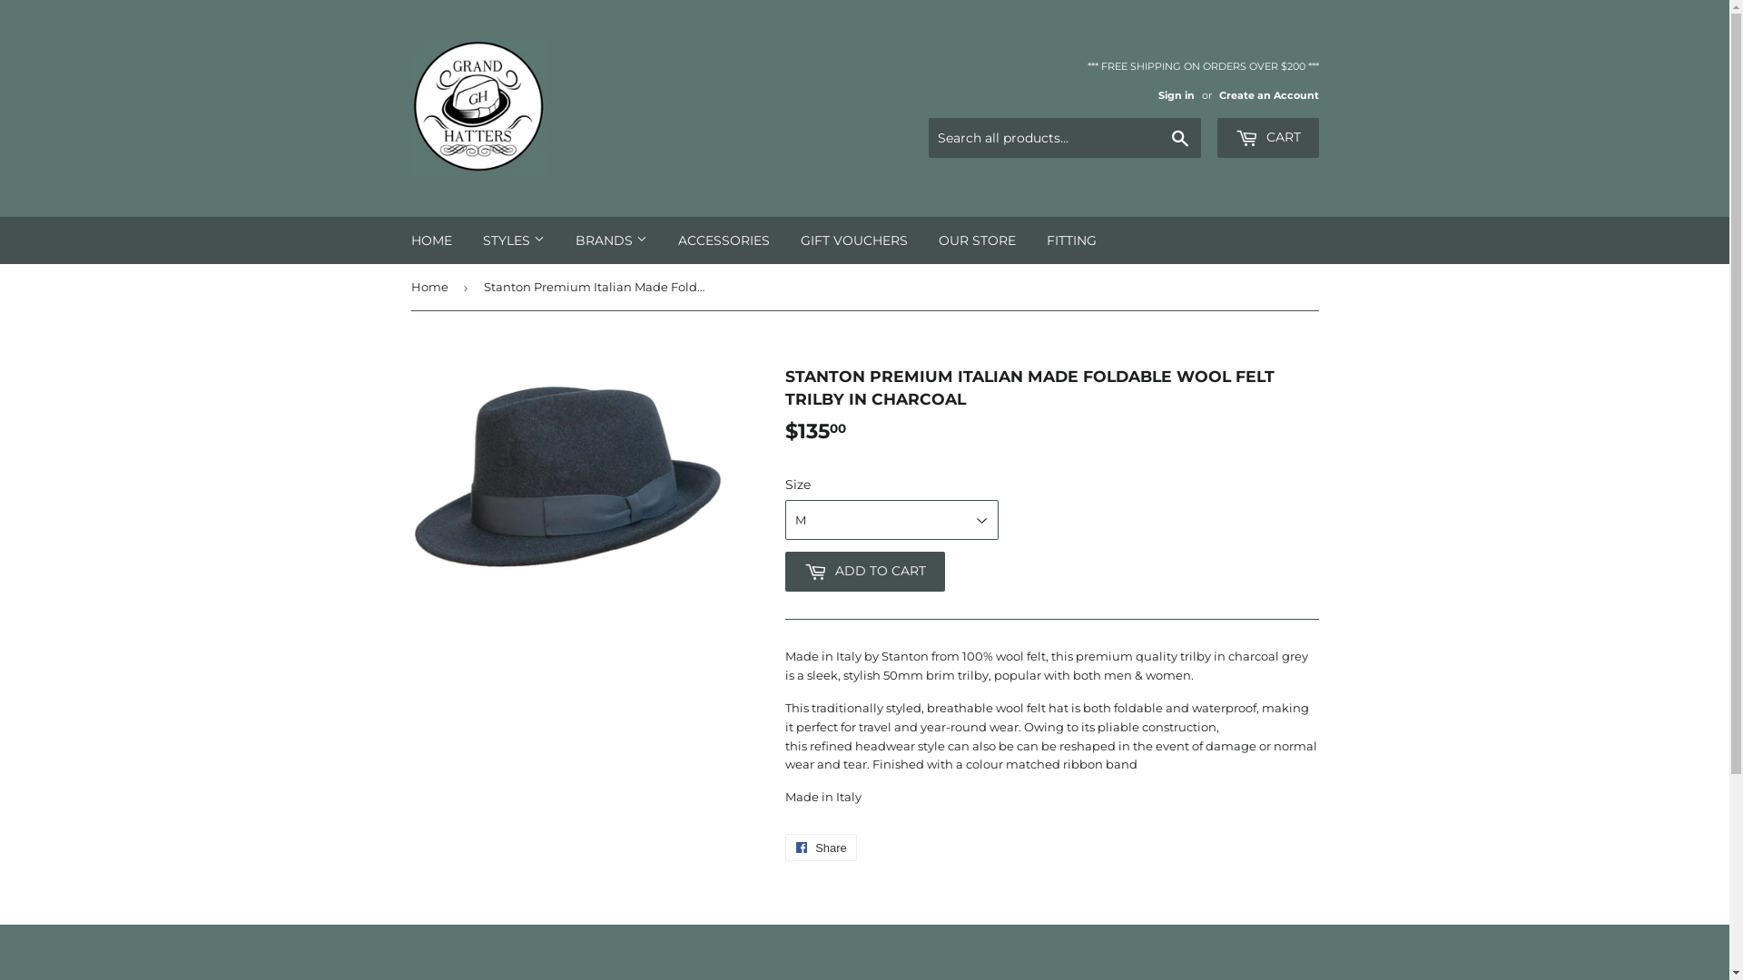 The image size is (1743, 980). Describe the element at coordinates (819, 847) in the screenshot. I see `'Share` at that location.